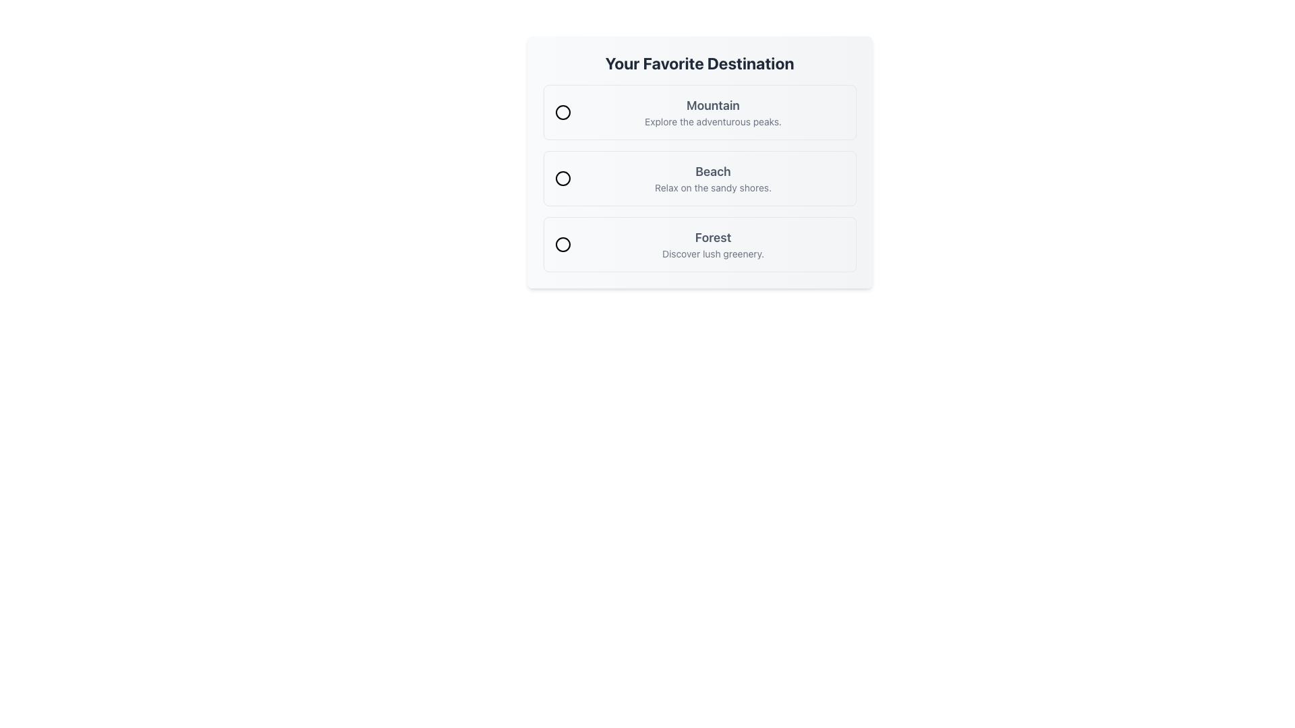 Image resolution: width=1295 pixels, height=728 pixels. What do you see at coordinates (712, 122) in the screenshot?
I see `text label that displays 'Explore the adventurous peaks.' located below the title 'Mountain' in the first option group of a selectable list` at bounding box center [712, 122].